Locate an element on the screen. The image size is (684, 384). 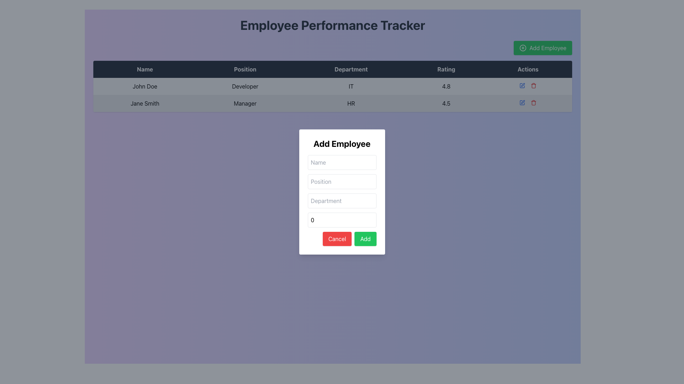
the text label displaying the job title for 'John Doe' in the 'Position' column is located at coordinates (245, 86).